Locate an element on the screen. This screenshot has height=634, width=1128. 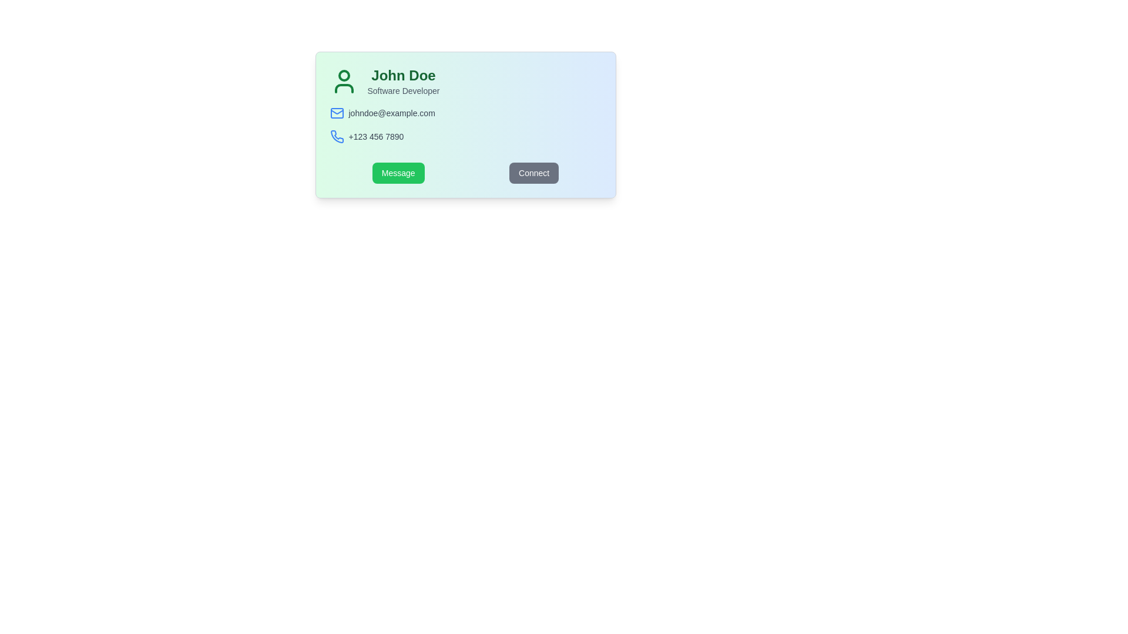
the green button labeled 'Message' is located at coordinates (398, 173).